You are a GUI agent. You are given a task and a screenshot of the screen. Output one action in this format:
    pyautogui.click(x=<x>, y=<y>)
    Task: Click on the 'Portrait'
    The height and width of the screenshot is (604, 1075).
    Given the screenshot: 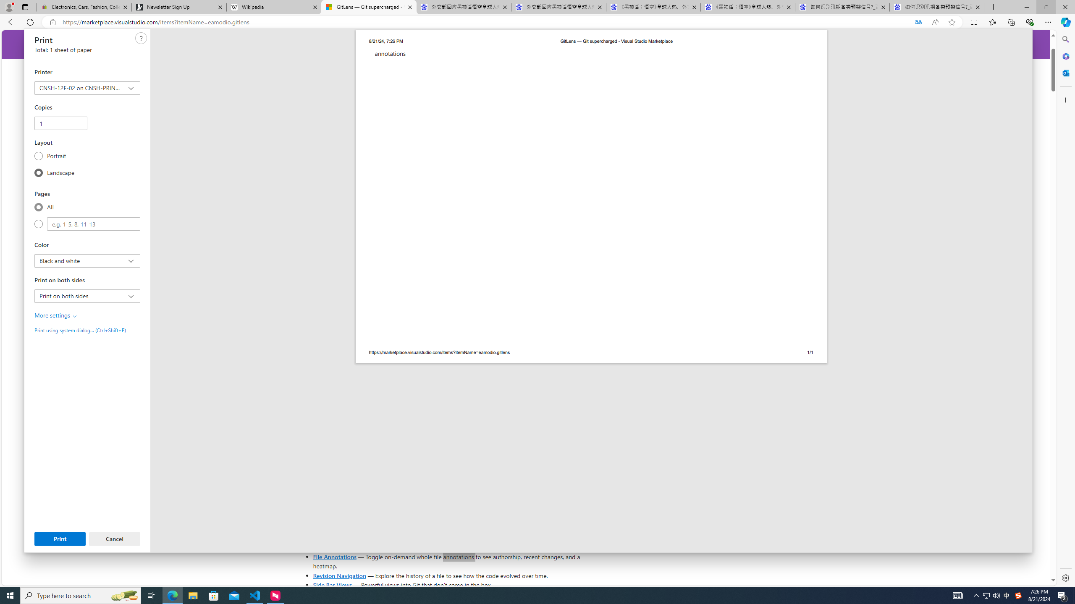 What is the action you would take?
    pyautogui.click(x=38, y=156)
    